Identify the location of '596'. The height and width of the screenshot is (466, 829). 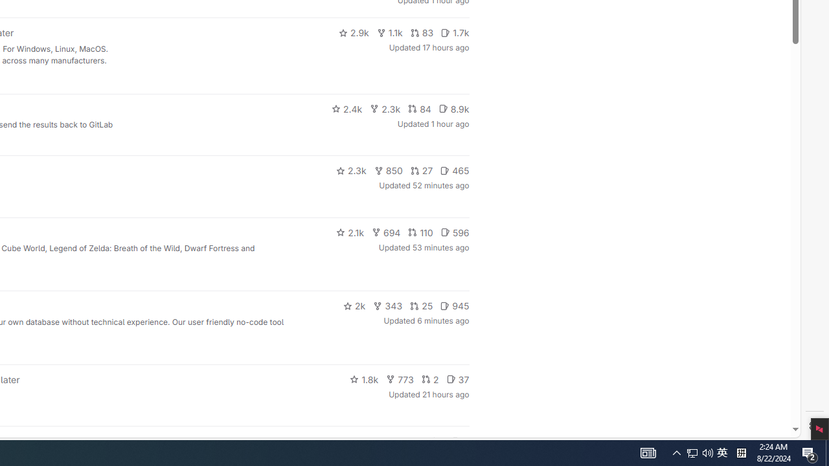
(455, 231).